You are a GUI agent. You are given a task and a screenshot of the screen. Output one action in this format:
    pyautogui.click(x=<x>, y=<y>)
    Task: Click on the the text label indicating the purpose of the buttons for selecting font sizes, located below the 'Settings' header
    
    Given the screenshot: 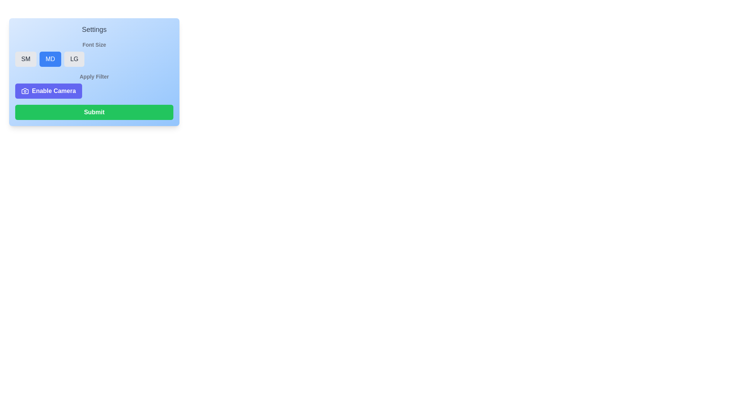 What is the action you would take?
    pyautogui.click(x=94, y=45)
    